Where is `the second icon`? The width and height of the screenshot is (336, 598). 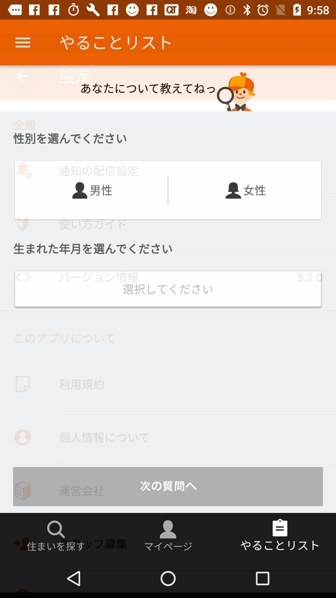
the second icon is located at coordinates (233, 190).